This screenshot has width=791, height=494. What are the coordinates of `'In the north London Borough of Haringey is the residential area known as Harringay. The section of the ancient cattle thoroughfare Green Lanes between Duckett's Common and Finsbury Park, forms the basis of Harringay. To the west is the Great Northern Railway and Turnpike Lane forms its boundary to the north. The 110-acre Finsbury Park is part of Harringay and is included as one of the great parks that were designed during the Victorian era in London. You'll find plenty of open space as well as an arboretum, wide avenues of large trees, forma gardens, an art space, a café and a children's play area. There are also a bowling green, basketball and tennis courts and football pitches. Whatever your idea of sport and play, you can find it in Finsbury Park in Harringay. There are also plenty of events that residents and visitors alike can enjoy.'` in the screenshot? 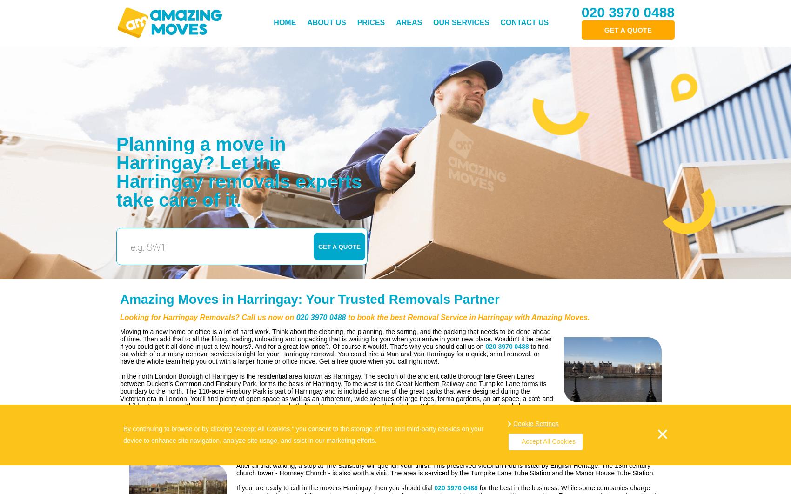 It's located at (336, 394).